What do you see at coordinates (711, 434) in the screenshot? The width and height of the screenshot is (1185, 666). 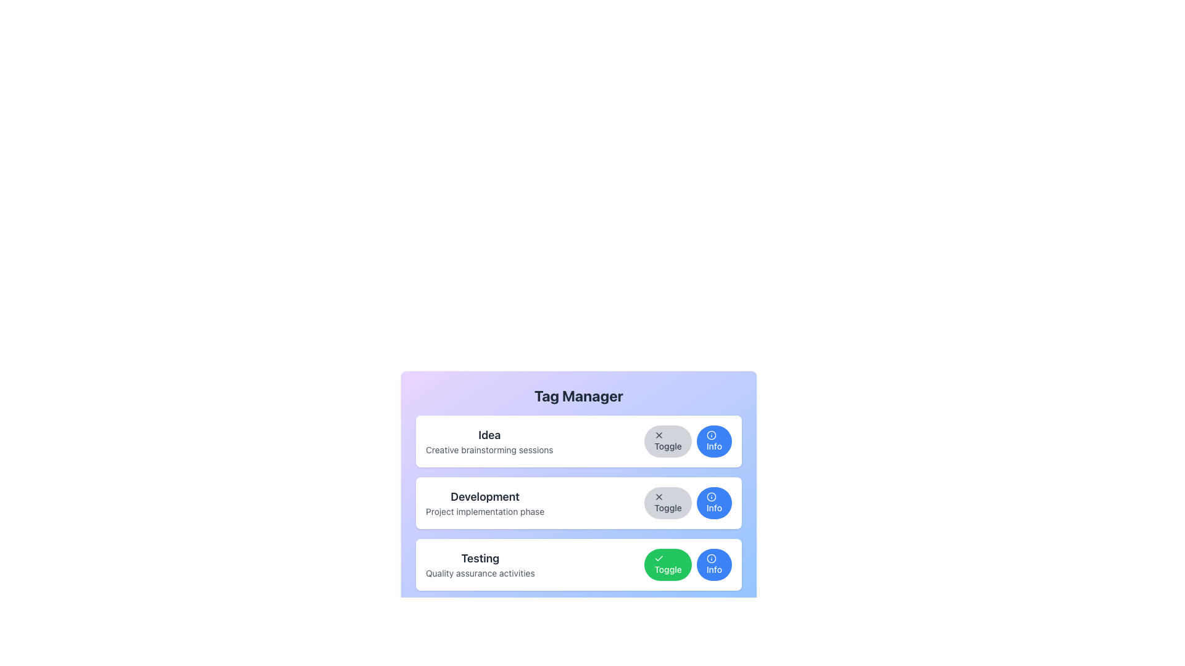 I see `the circular blue Information Icon with a white border containing the lowercase 'i'` at bounding box center [711, 434].